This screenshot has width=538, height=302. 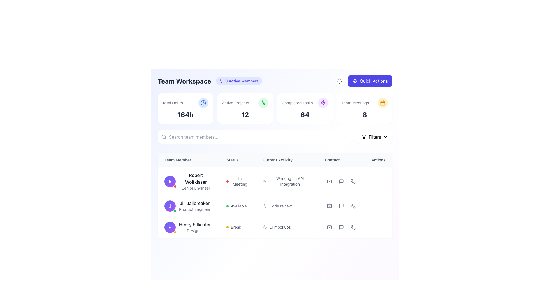 I want to click on the purple 'Quick Actions' button located in the top-right corner of the layout, so click(x=363, y=81).